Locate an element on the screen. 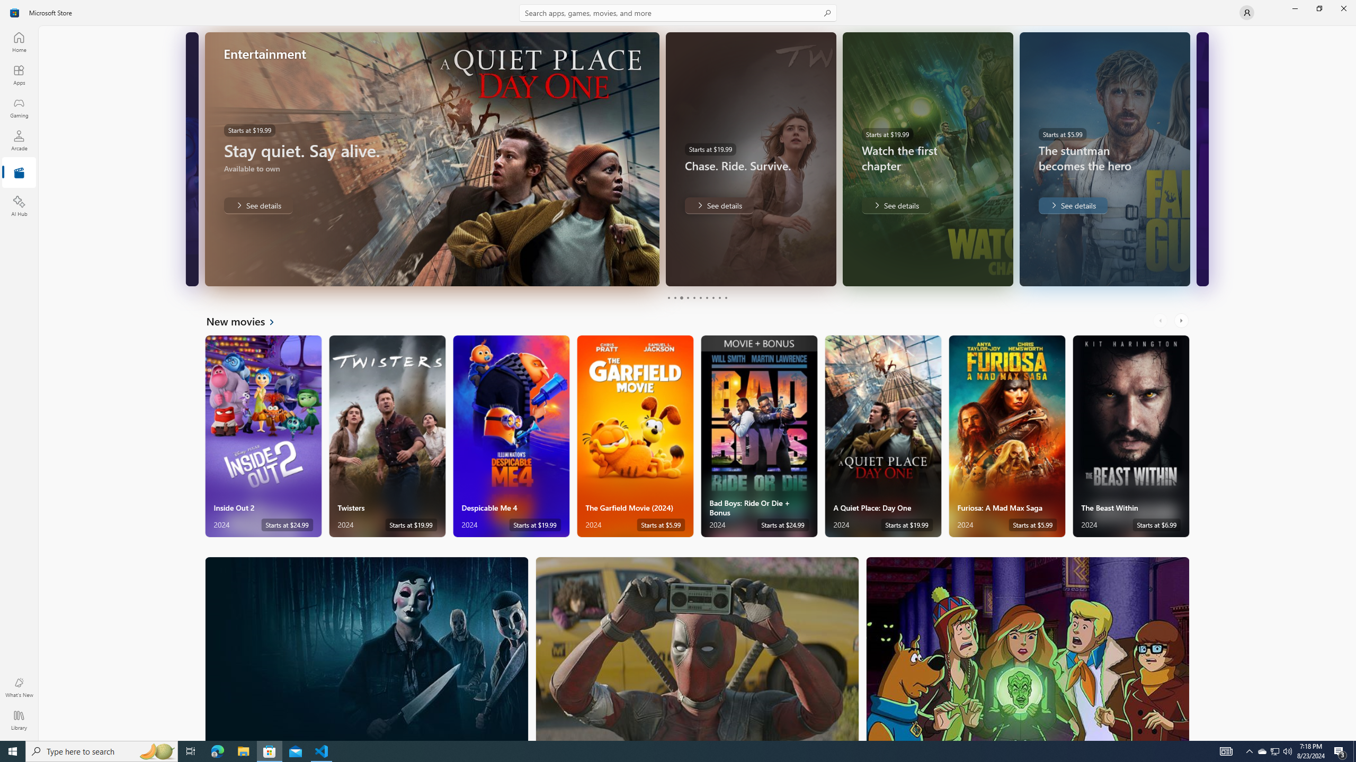 Image resolution: width=1356 pixels, height=762 pixels. 'Pager' is located at coordinates (697, 297).